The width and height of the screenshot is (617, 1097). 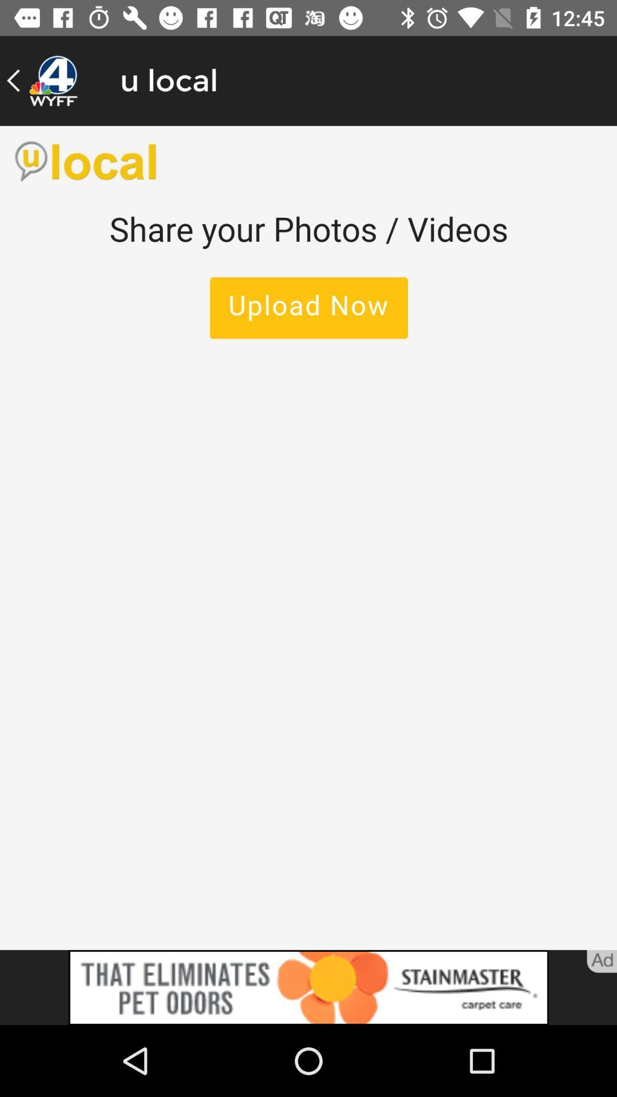 I want to click on upload file, so click(x=308, y=537).